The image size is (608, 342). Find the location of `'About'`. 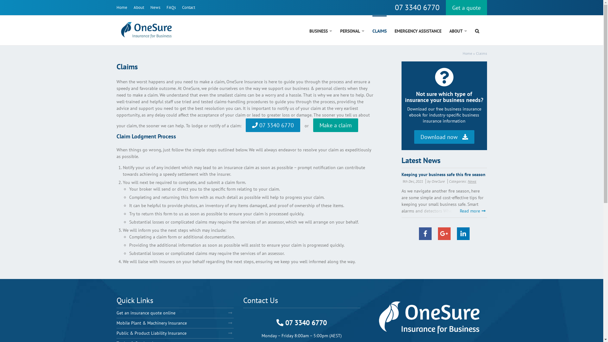

'About' is located at coordinates (138, 7).